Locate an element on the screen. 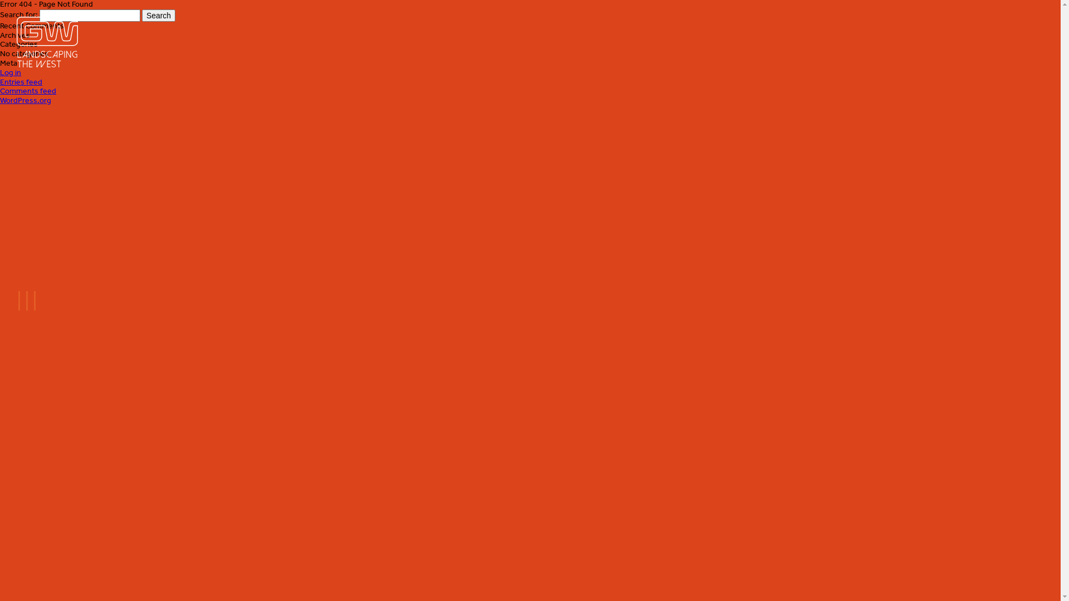 Image resolution: width=1069 pixels, height=601 pixels. 'Search' is located at coordinates (158, 15).